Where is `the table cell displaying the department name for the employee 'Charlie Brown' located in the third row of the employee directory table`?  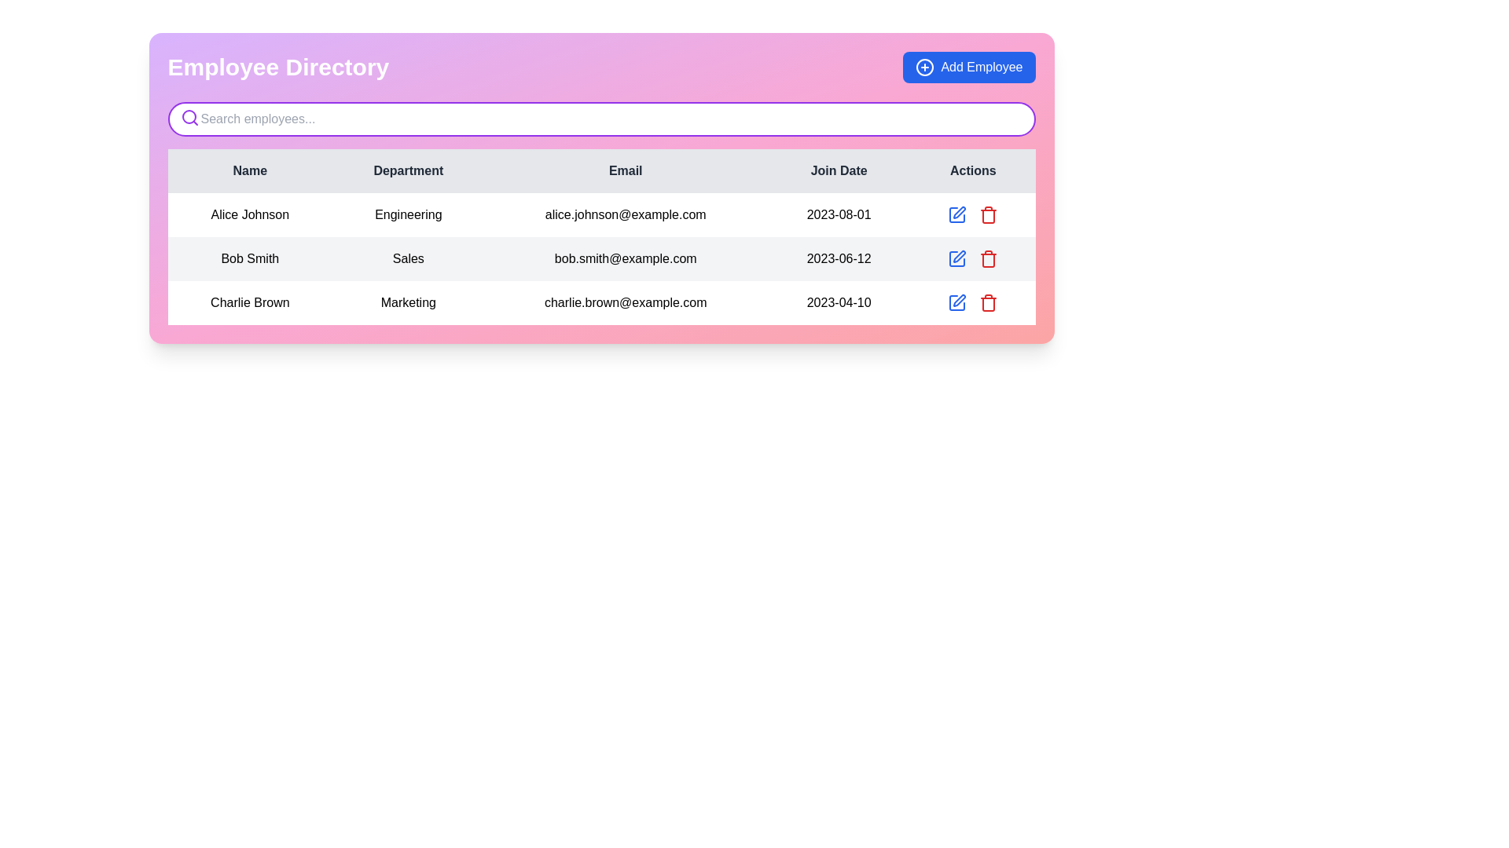 the table cell displaying the department name for the employee 'Charlie Brown' located in the third row of the employee directory table is located at coordinates (408, 302).